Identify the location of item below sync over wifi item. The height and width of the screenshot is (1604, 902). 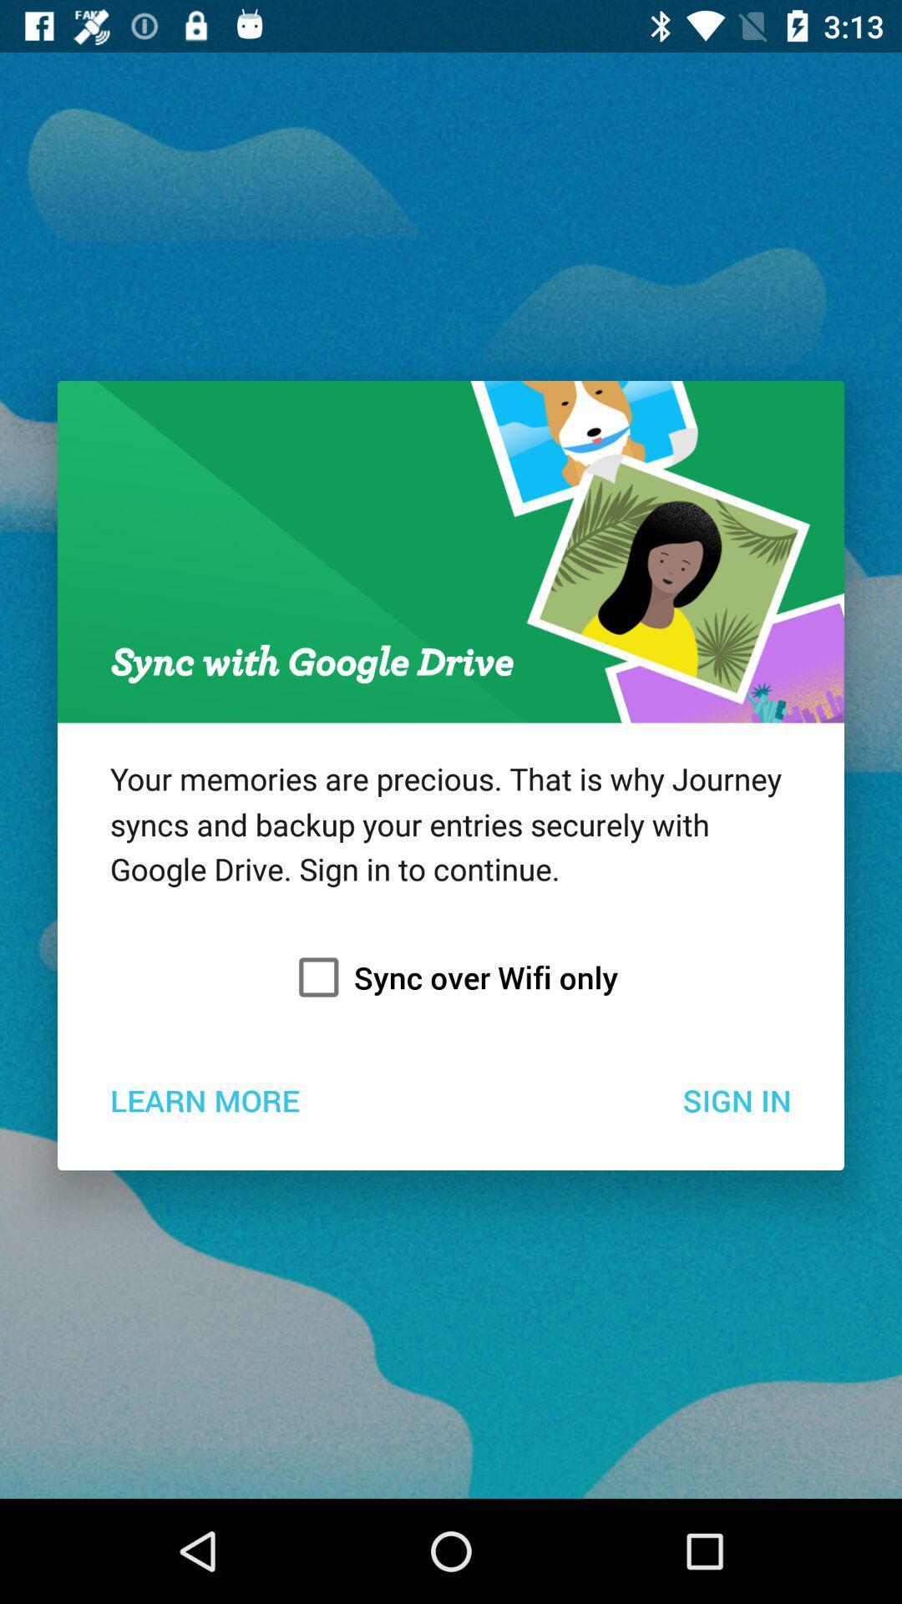
(204, 1099).